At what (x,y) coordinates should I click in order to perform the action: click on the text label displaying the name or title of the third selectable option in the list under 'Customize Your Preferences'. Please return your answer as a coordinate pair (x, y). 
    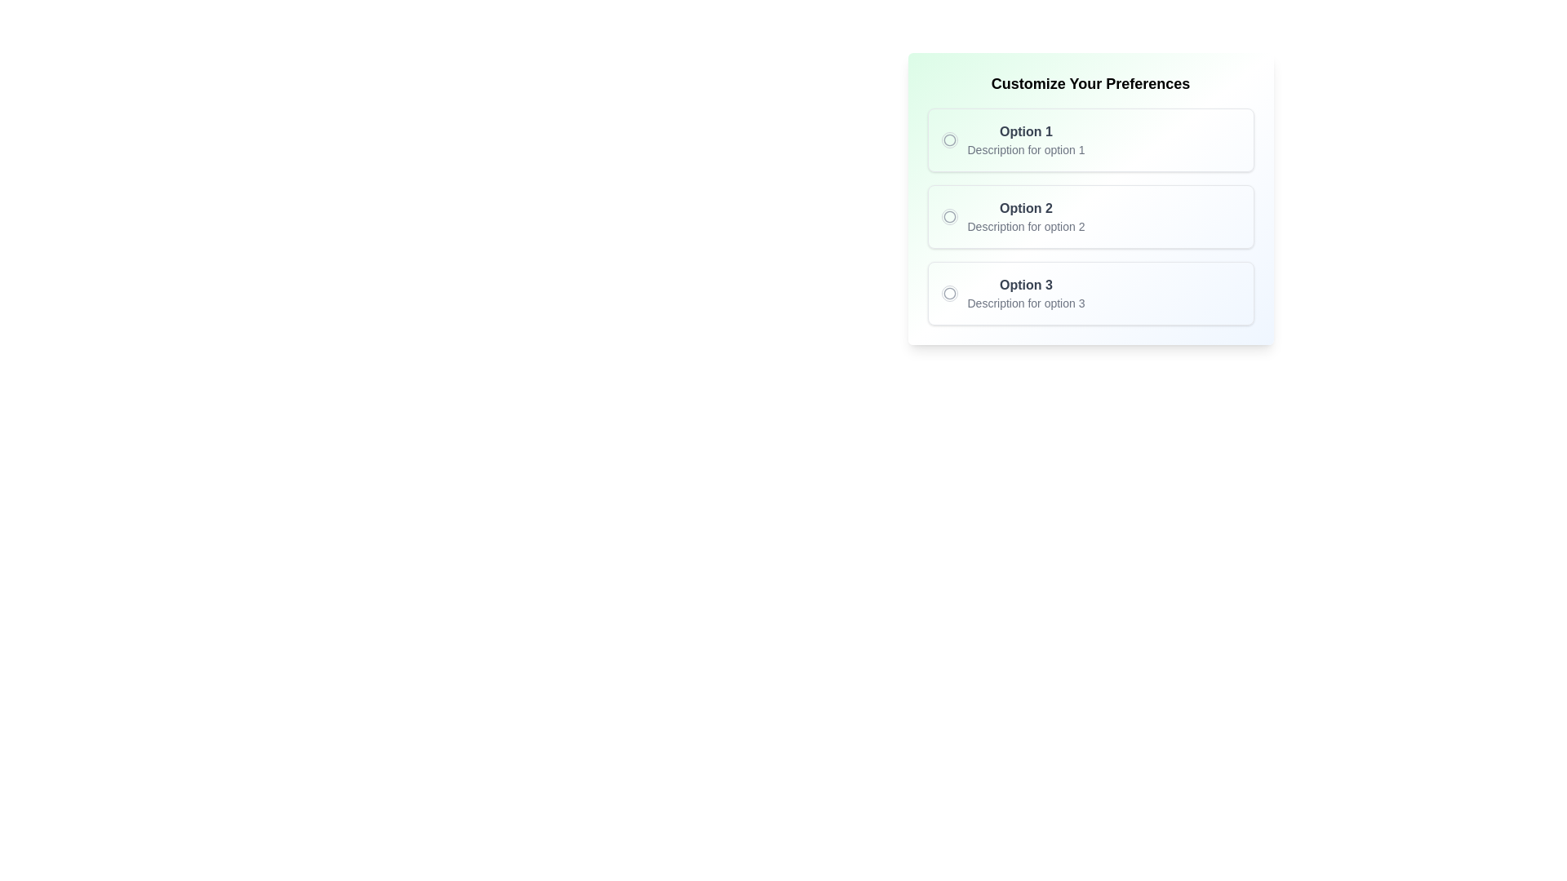
    Looking at the image, I should click on (1025, 285).